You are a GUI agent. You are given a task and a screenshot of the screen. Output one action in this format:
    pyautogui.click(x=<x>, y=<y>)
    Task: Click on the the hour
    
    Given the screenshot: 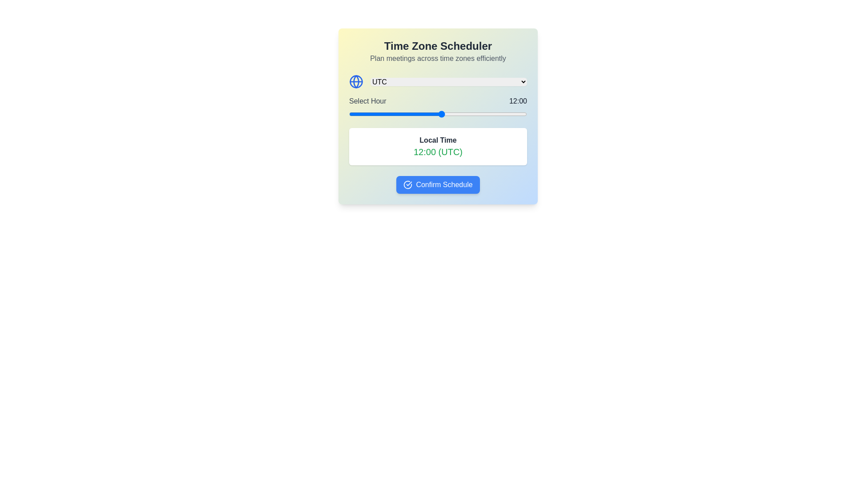 What is the action you would take?
    pyautogui.click(x=512, y=114)
    